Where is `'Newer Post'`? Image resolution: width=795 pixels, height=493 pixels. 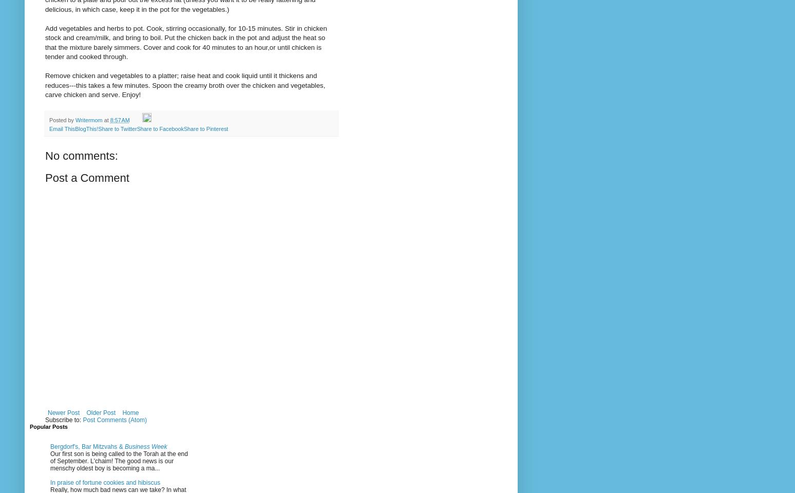 'Newer Post' is located at coordinates (63, 412).